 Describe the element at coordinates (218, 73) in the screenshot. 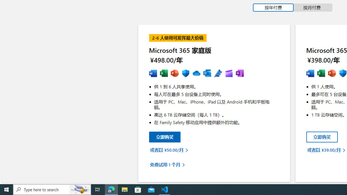

I see `'MS Editor'` at that location.